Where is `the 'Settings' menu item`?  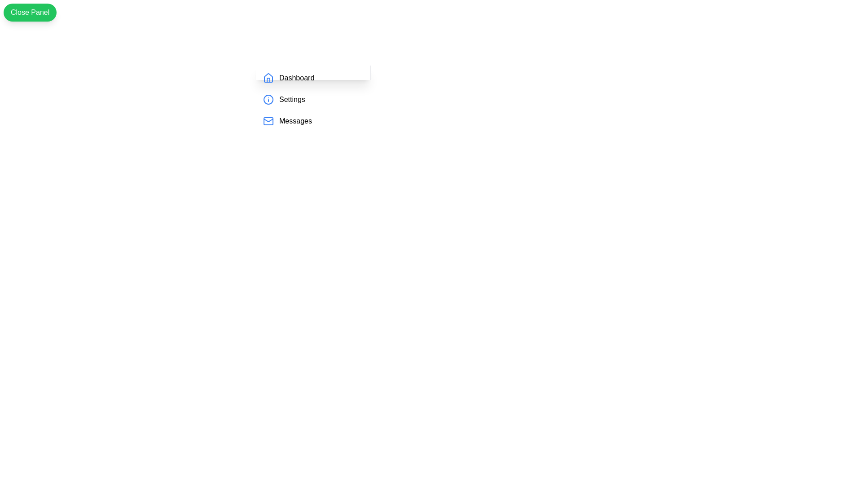
the 'Settings' menu item is located at coordinates (313, 100).